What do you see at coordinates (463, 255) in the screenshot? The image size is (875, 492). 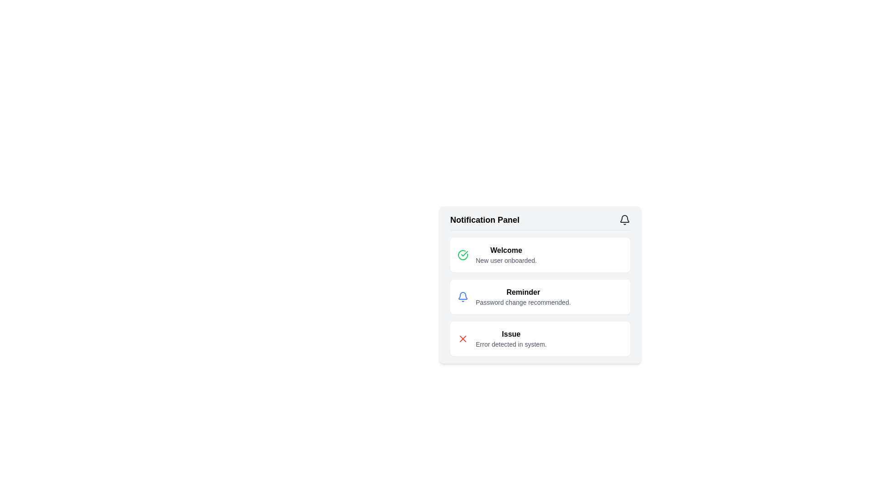 I see `the circular success icon with a green outline and check mark located in the first notification panel, next to the header 'Welcome' and subtext 'New user onboarded'` at bounding box center [463, 255].